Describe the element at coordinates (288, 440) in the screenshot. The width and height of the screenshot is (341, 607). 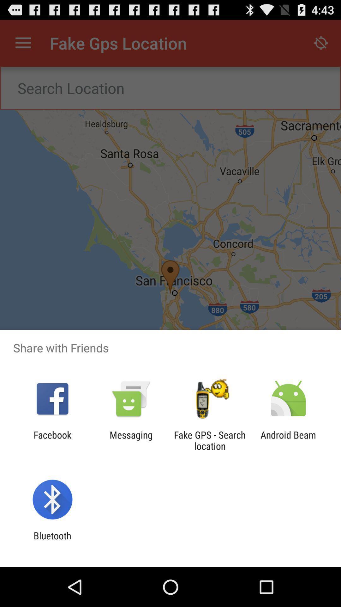
I see `the app to the right of the fake gps search` at that location.